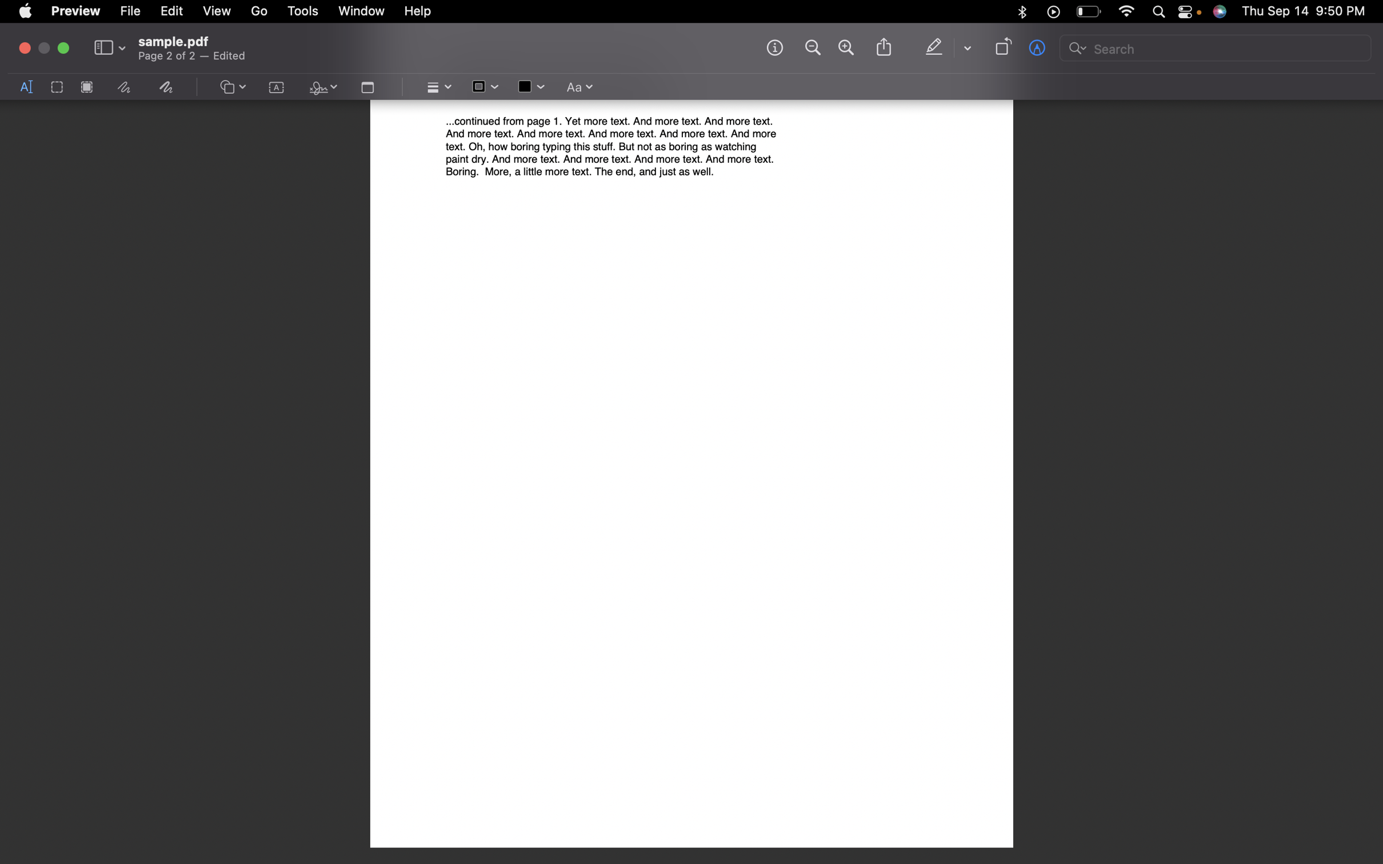 Image resolution: width=1383 pixels, height=864 pixels. Describe the element at coordinates (321, 88) in the screenshot. I see `the signature function` at that location.